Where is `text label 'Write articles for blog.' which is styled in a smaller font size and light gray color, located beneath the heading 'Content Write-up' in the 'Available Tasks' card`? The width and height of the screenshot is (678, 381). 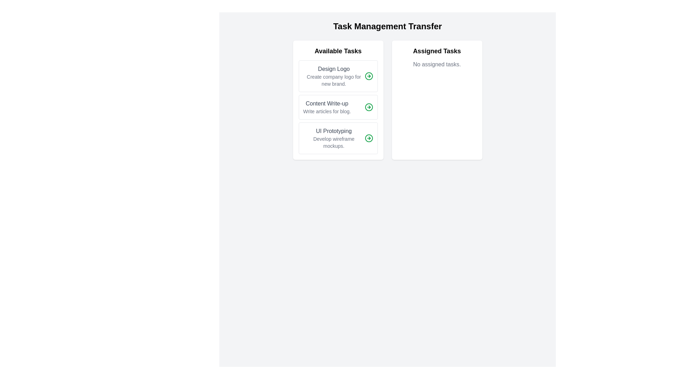 text label 'Write articles for blog.' which is styled in a smaller font size and light gray color, located beneath the heading 'Content Write-up' in the 'Available Tasks' card is located at coordinates (327, 111).